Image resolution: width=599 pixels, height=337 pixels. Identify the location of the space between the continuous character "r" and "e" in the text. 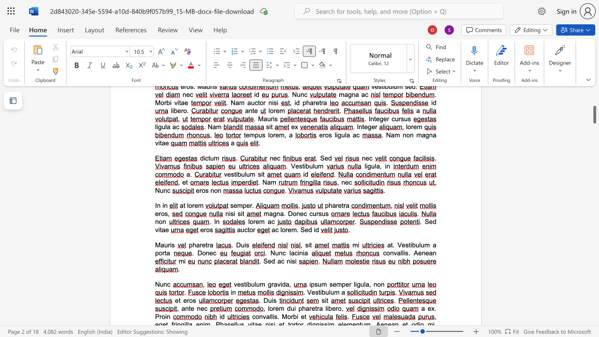
(202, 244).